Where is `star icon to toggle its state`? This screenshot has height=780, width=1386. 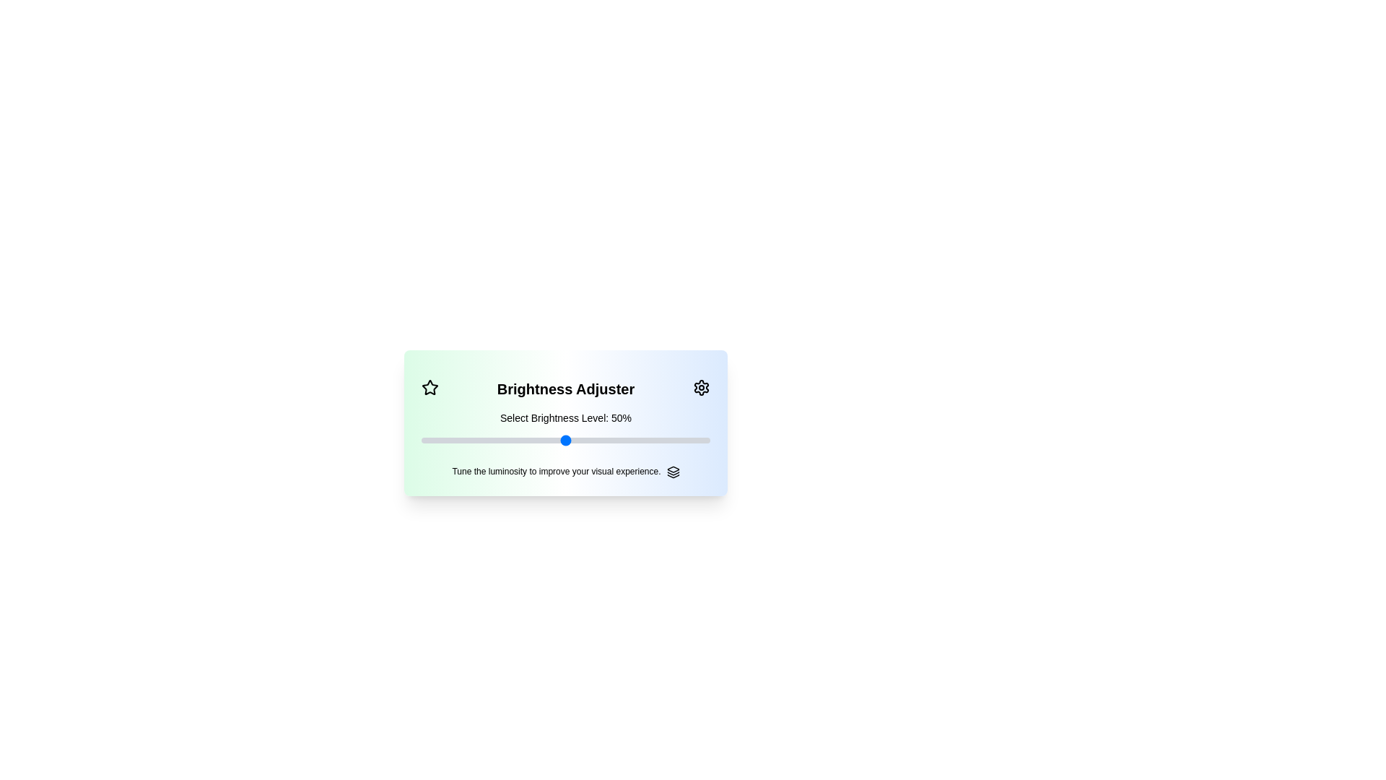 star icon to toggle its state is located at coordinates (429, 386).